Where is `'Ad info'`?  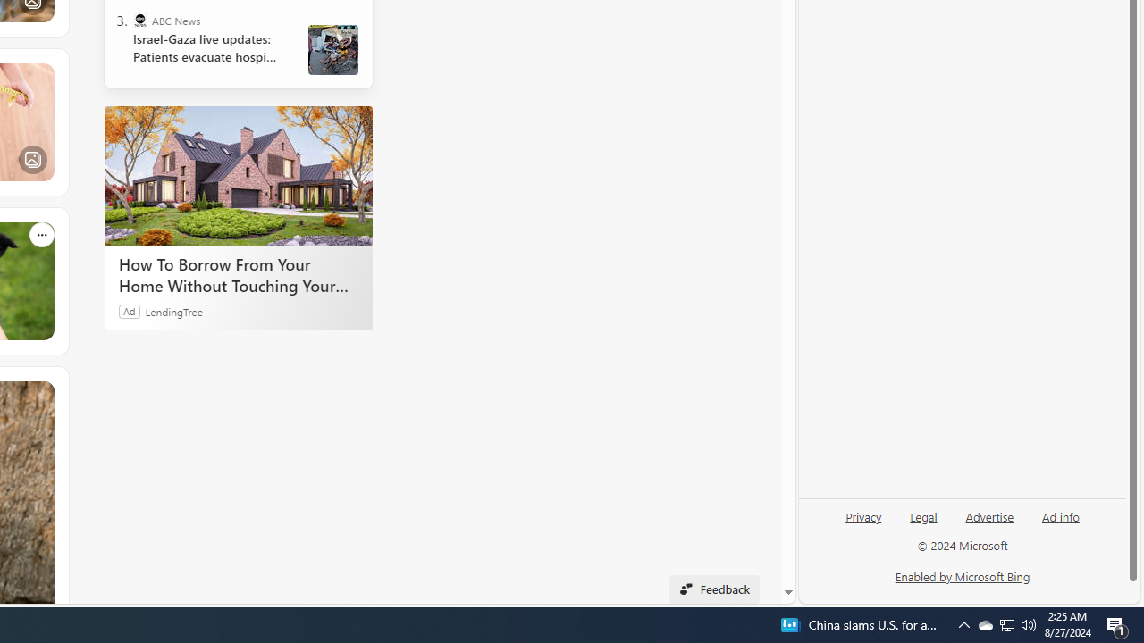
'Ad info' is located at coordinates (1060, 522).